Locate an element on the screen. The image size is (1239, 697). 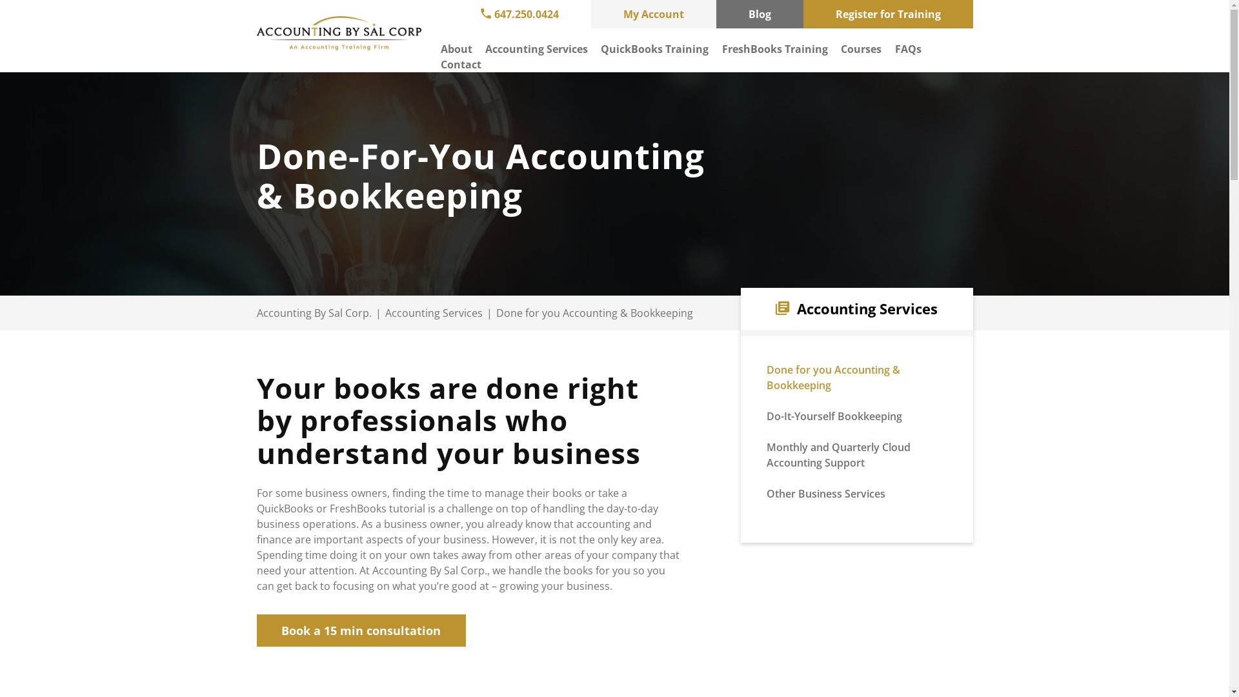
'Accounting Services' is located at coordinates (536, 48).